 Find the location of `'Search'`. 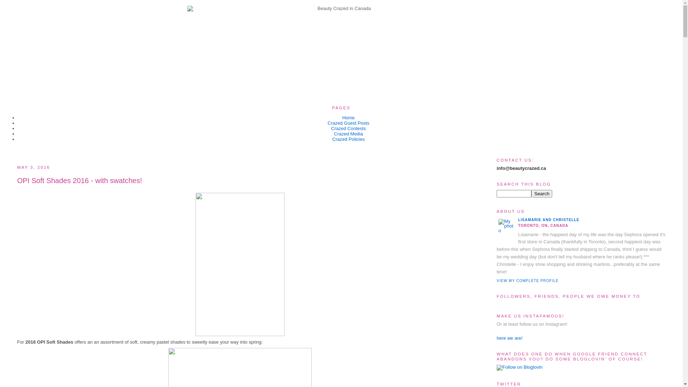

'Search' is located at coordinates (531, 193).